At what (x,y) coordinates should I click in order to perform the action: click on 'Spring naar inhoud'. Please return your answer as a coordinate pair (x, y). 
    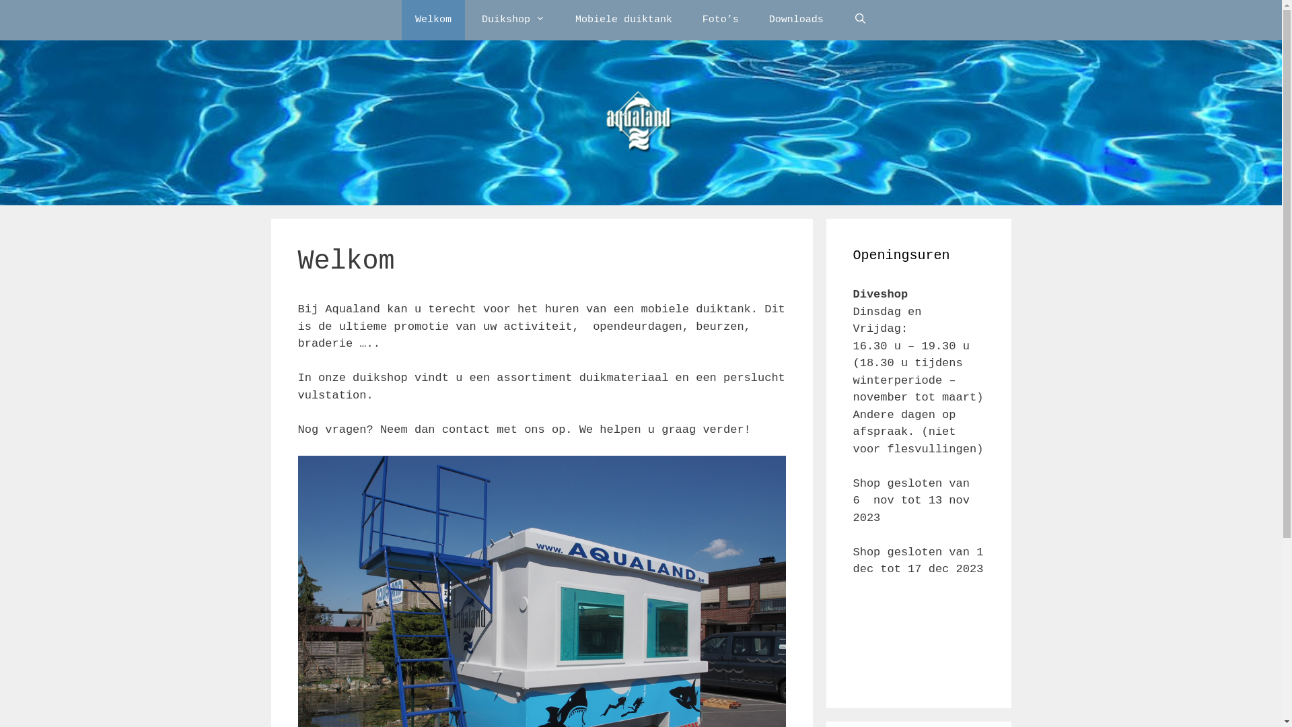
    Looking at the image, I should click on (0, 0).